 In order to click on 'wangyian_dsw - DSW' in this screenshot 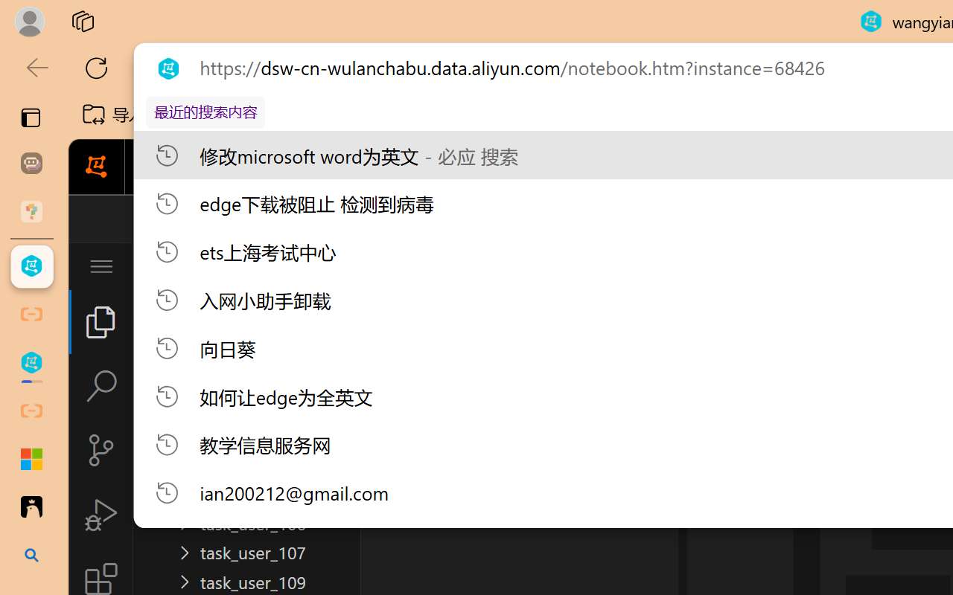, I will do `click(31, 266)`.